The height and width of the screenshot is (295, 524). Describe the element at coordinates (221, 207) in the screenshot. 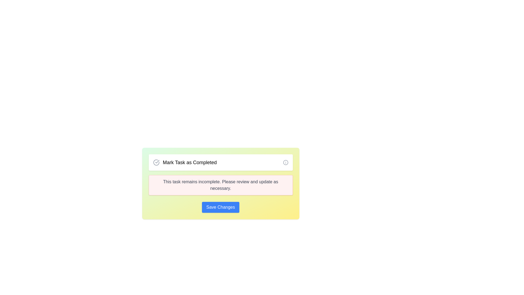

I see `the save button located below the text block that states 'This task remains incomplete. Please review and update as necessary'` at that location.